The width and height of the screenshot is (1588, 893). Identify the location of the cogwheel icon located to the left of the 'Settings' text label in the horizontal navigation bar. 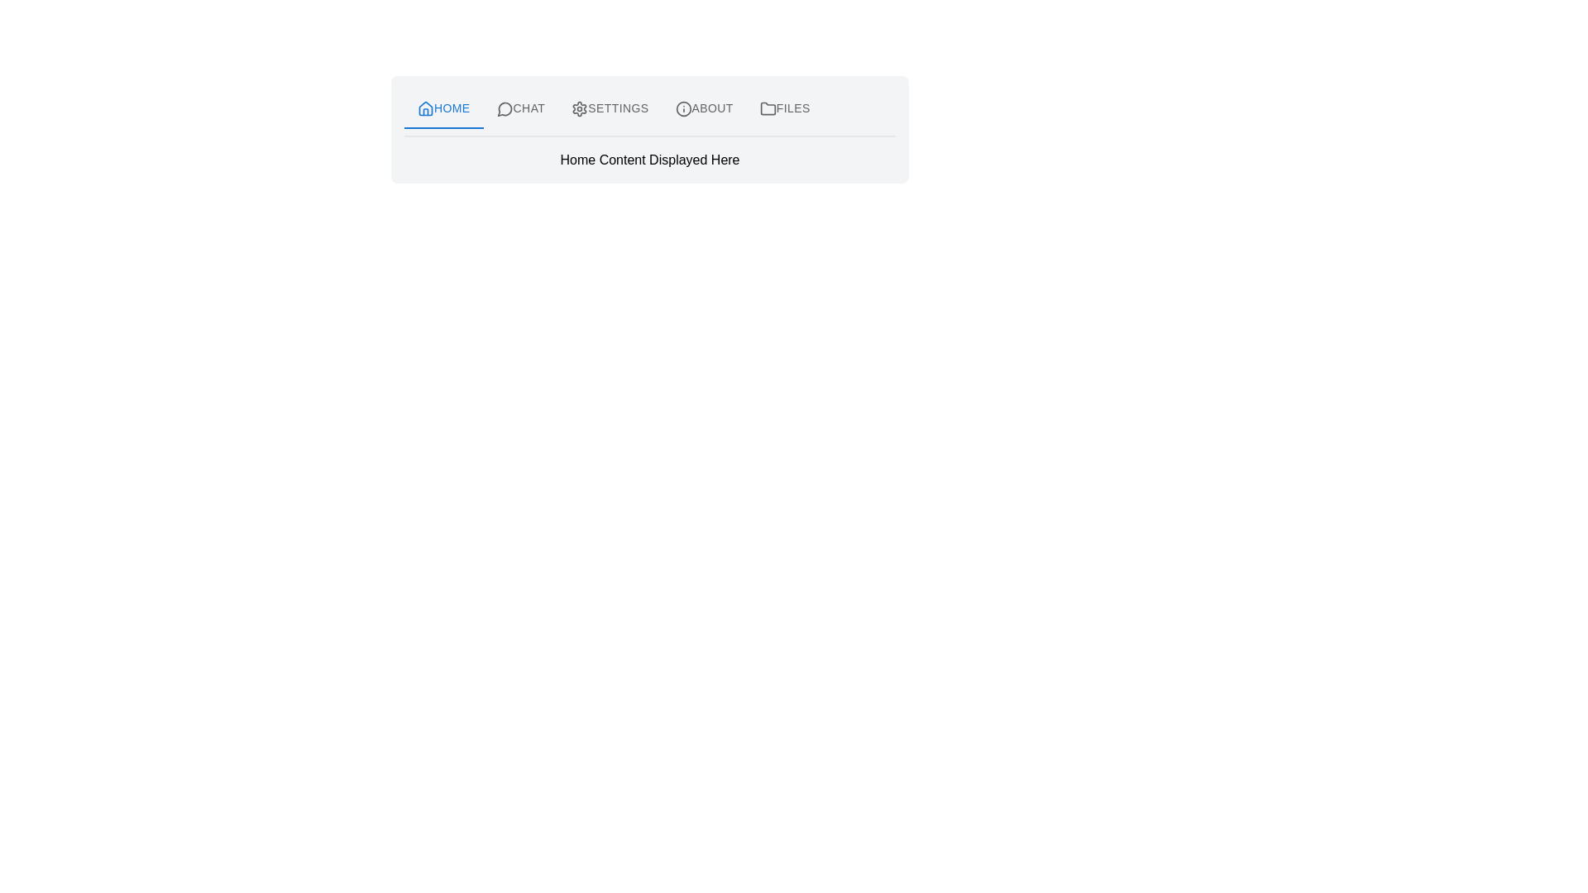
(580, 108).